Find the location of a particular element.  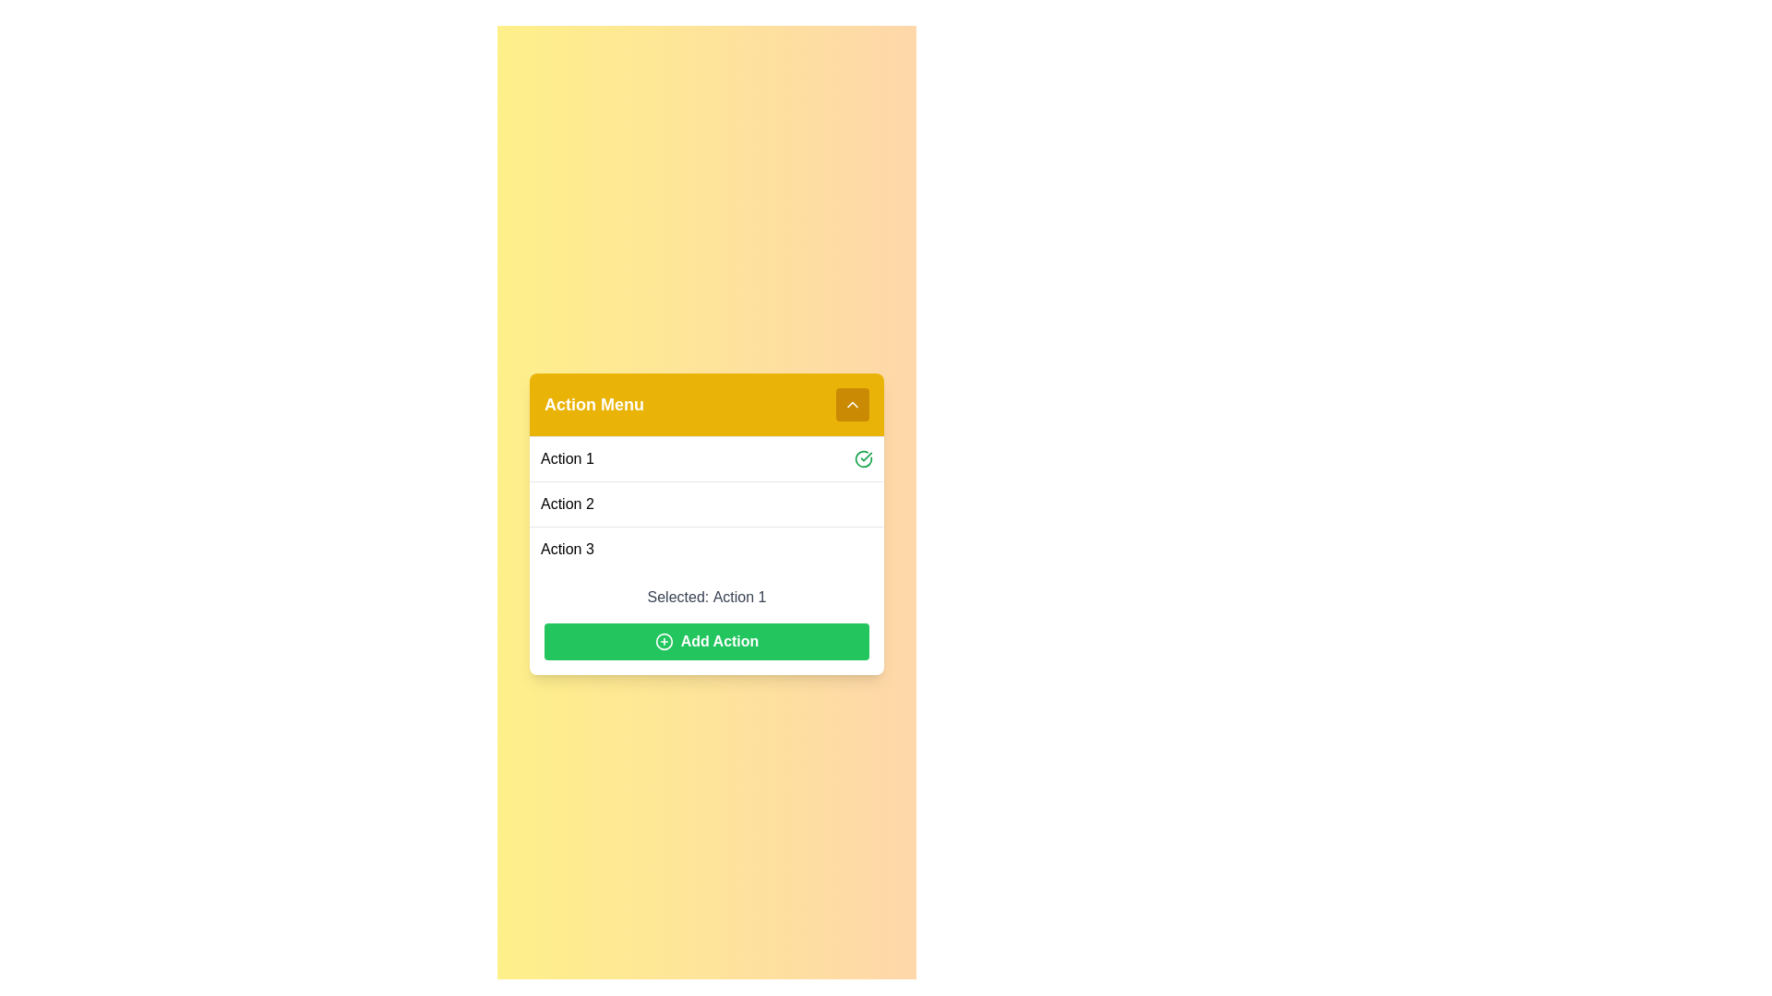

the third list item labeled 'Action 3', which is positioned at the bottom of the vertically stacked list is located at coordinates (706, 547).